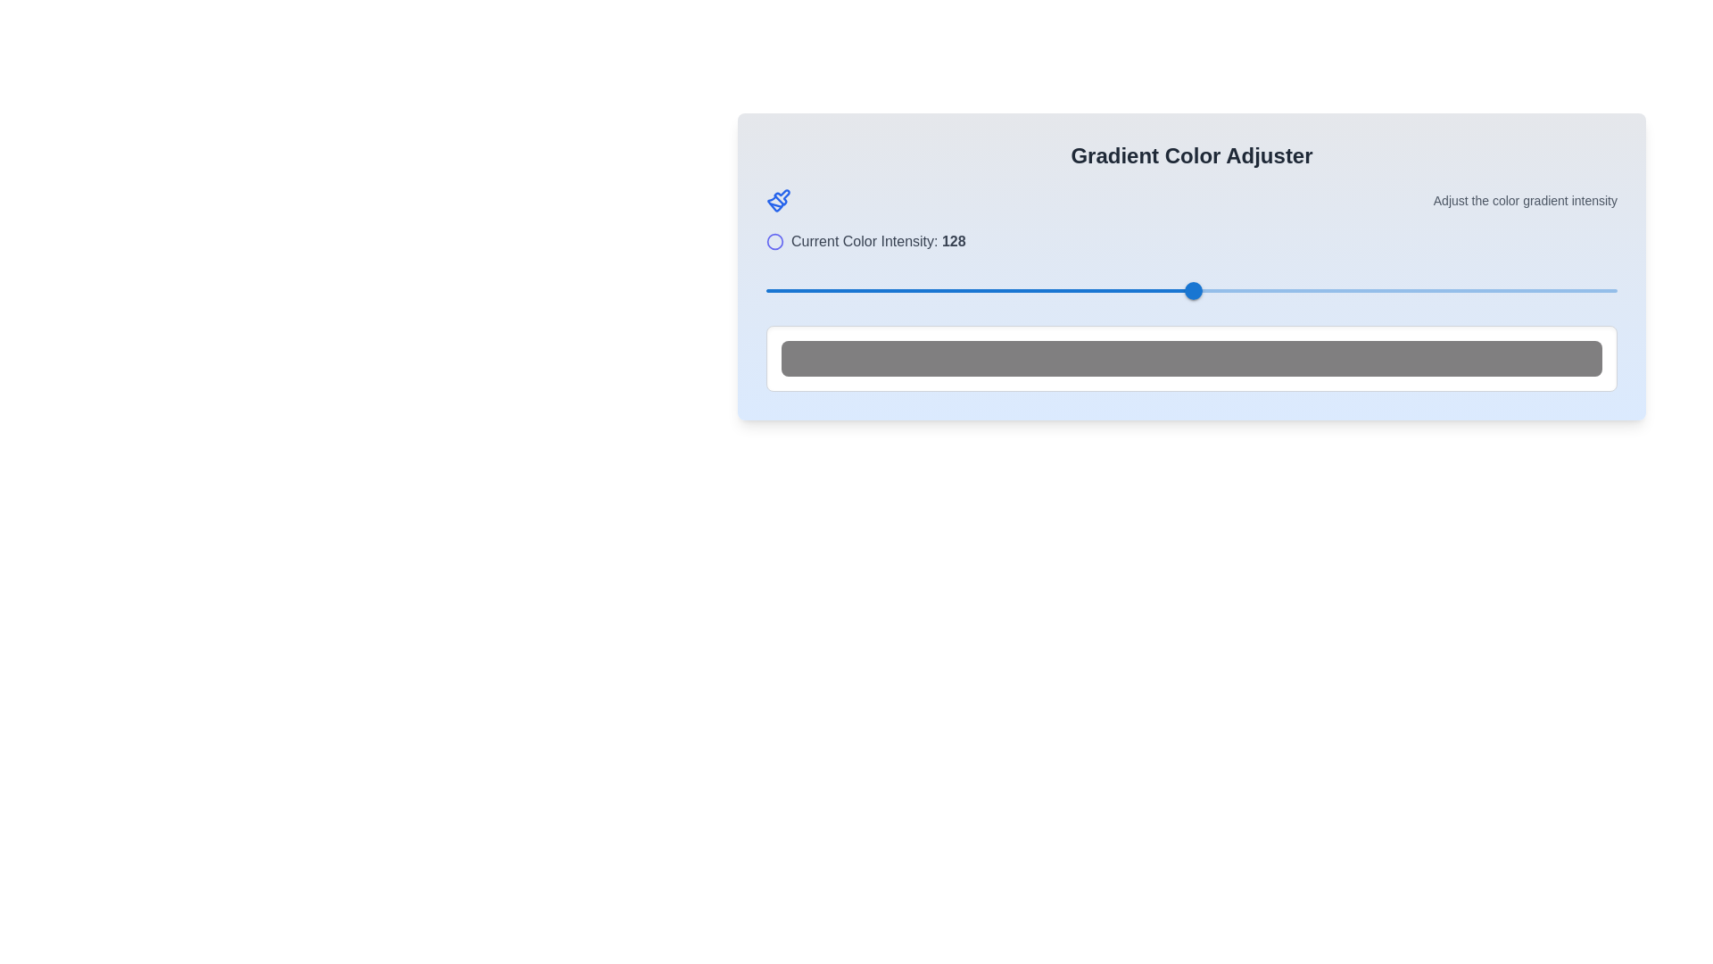 This screenshot has width=1713, height=964. I want to click on the gradient color intensity, so click(1071, 290).